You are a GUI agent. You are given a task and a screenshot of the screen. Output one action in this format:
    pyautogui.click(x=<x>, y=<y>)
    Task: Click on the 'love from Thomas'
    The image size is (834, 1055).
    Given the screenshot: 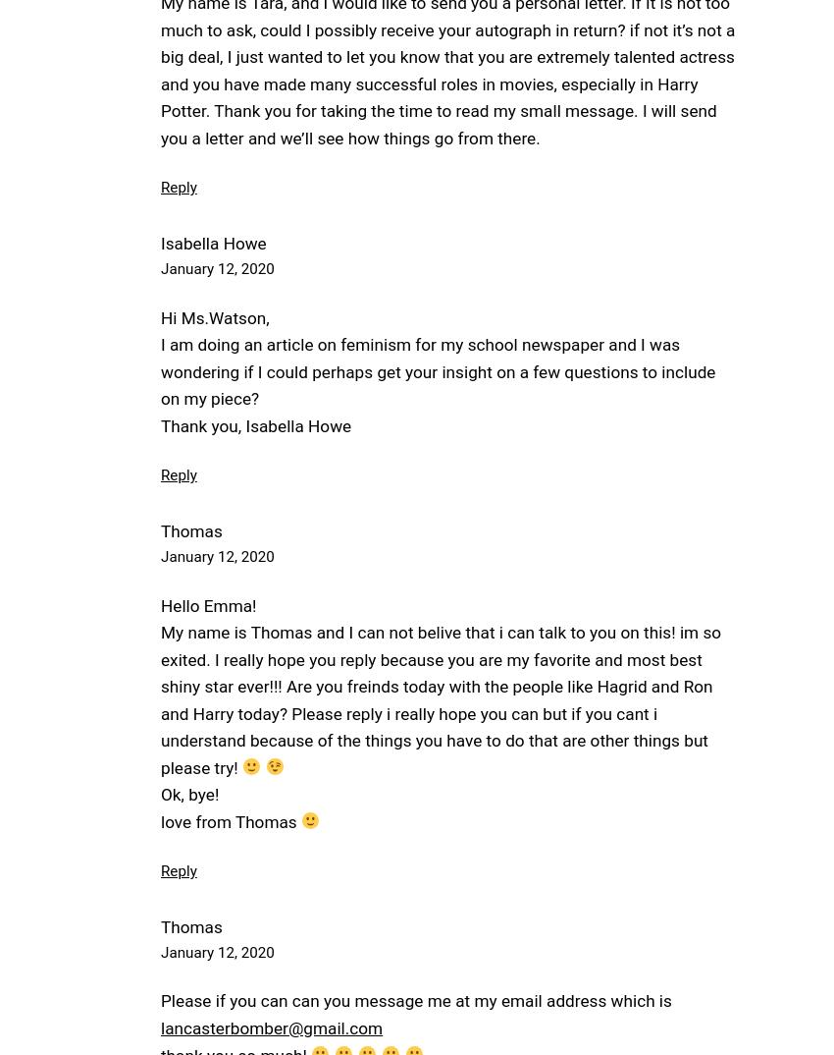 What is the action you would take?
    pyautogui.click(x=231, y=821)
    